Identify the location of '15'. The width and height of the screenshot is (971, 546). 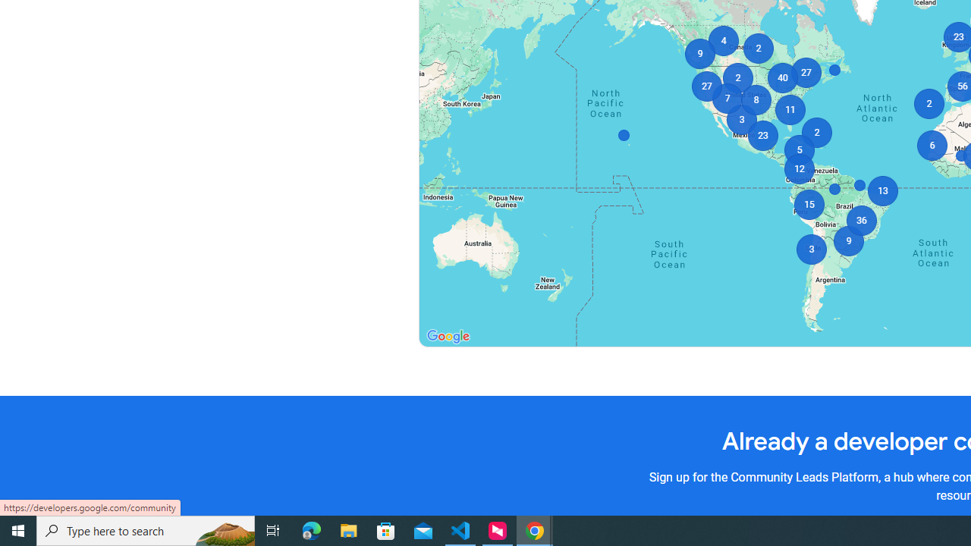
(808, 205).